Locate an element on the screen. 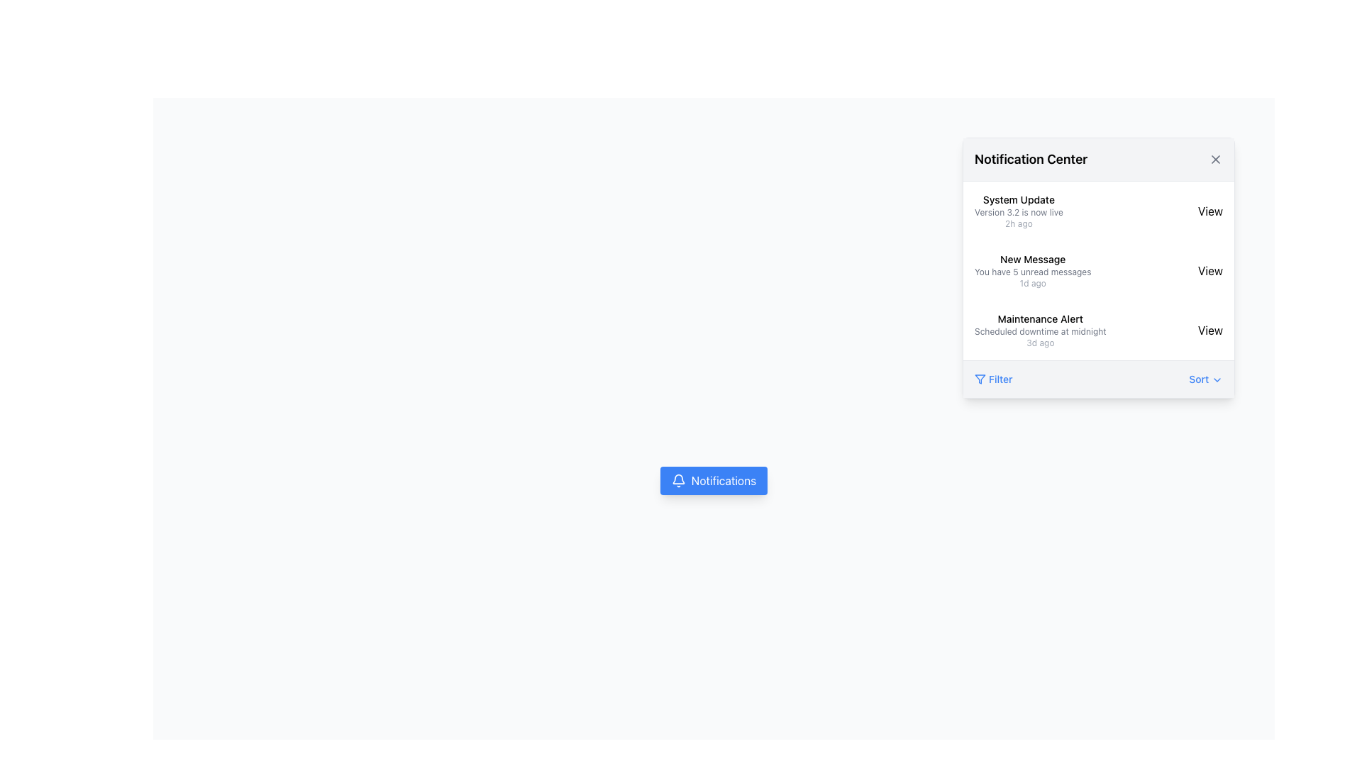 This screenshot has height=766, width=1362. the text block that displays a summary of a notification item is located at coordinates (1033, 270).